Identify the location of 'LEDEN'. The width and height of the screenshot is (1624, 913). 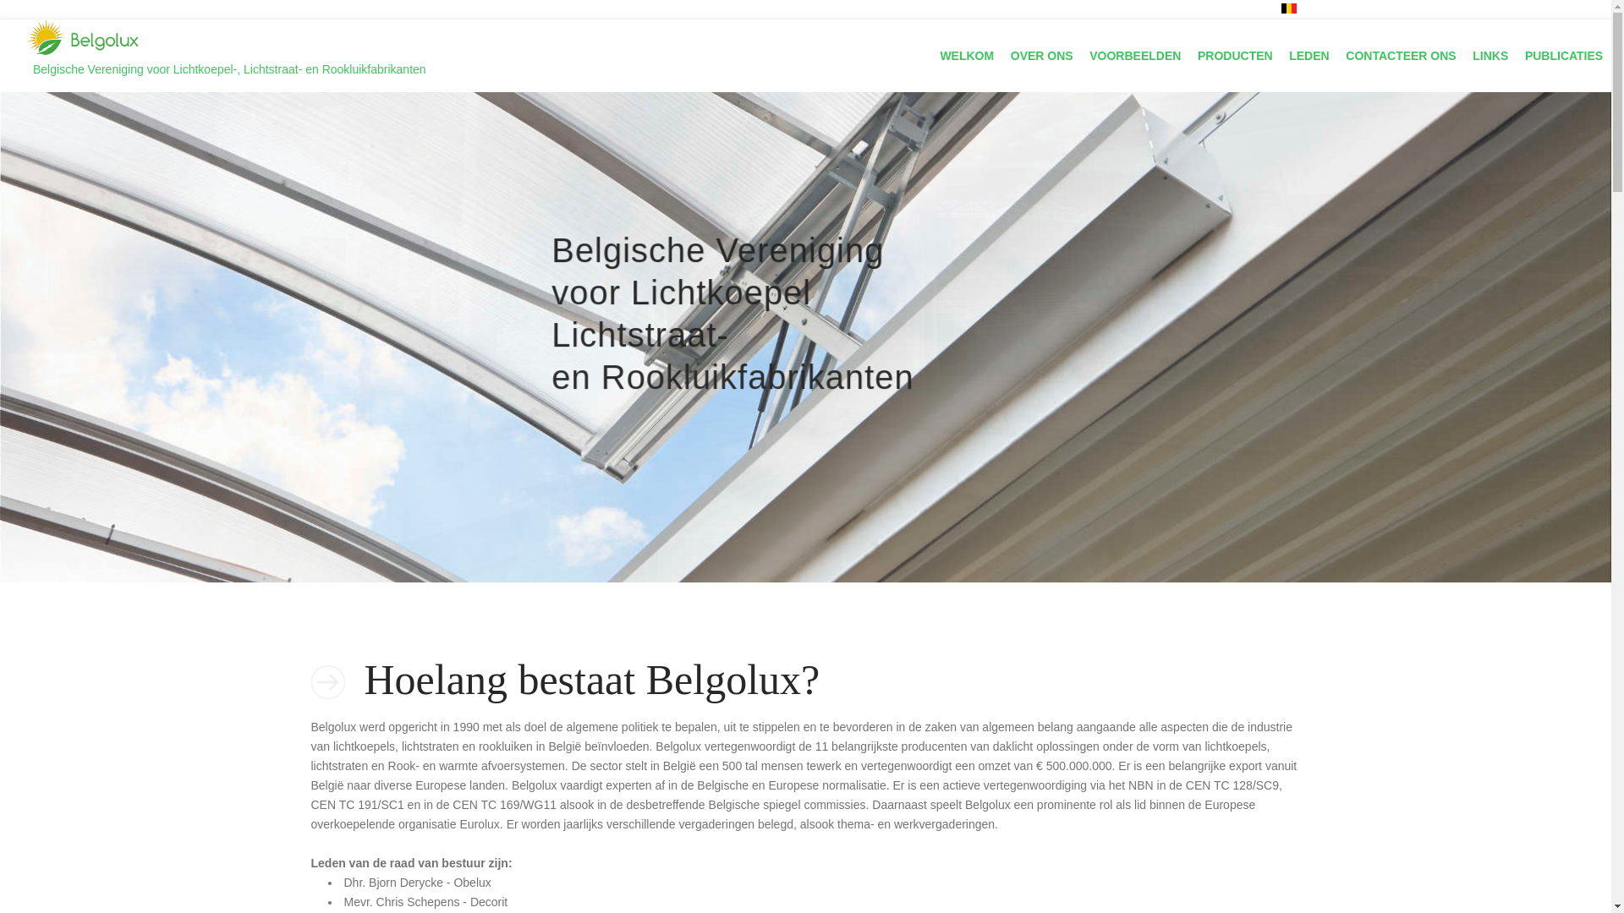
(1308, 54).